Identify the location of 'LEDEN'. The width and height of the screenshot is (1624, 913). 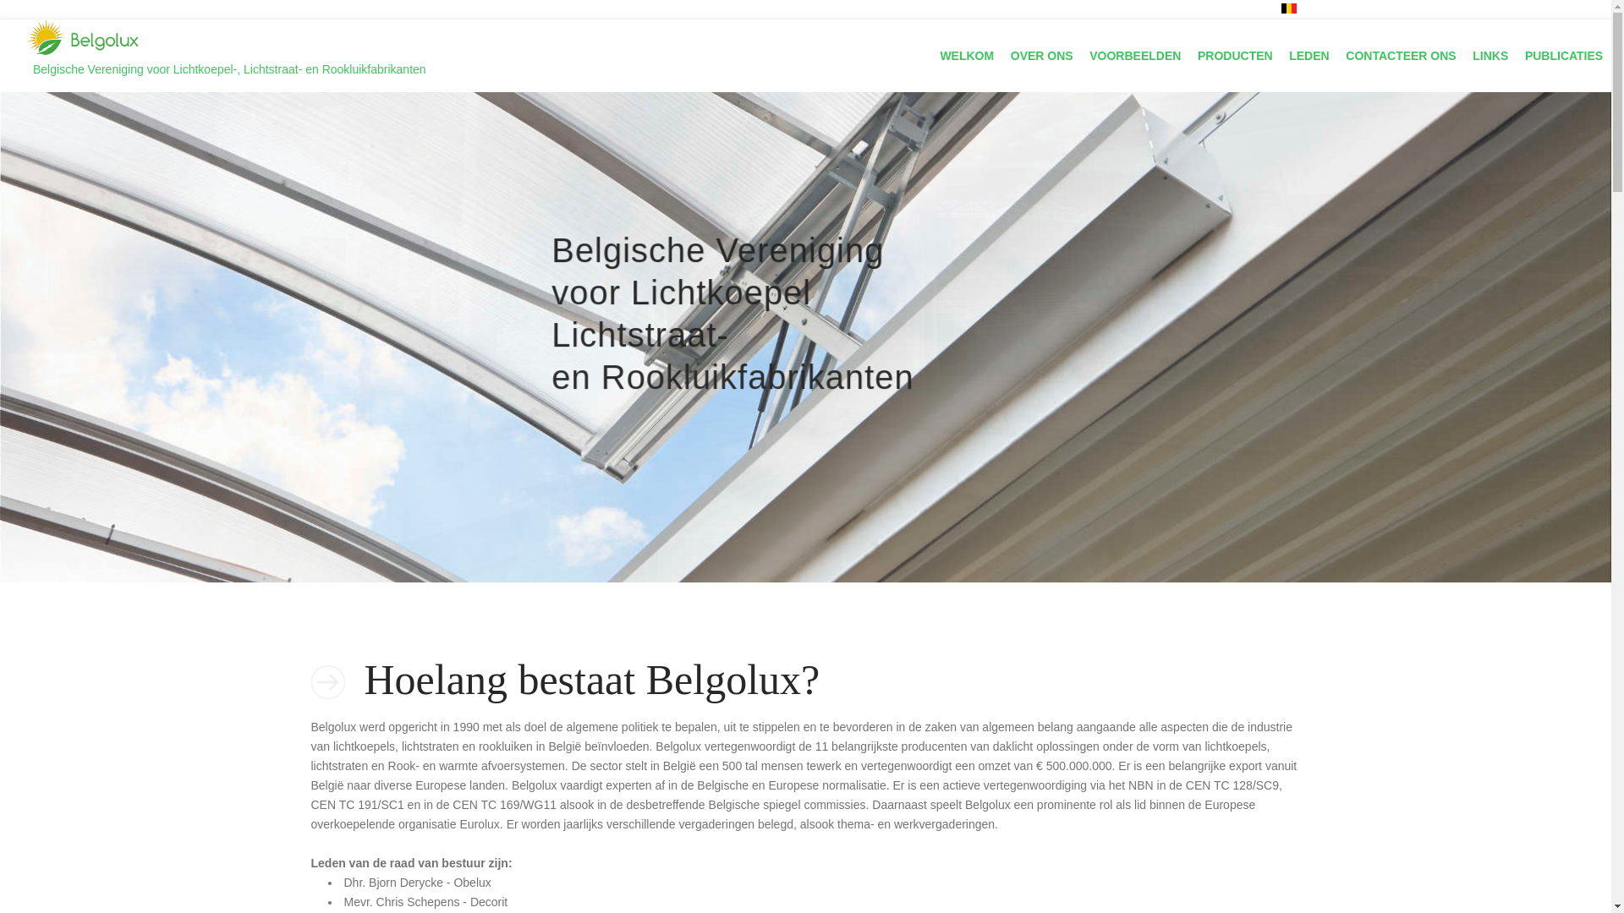
(1308, 54).